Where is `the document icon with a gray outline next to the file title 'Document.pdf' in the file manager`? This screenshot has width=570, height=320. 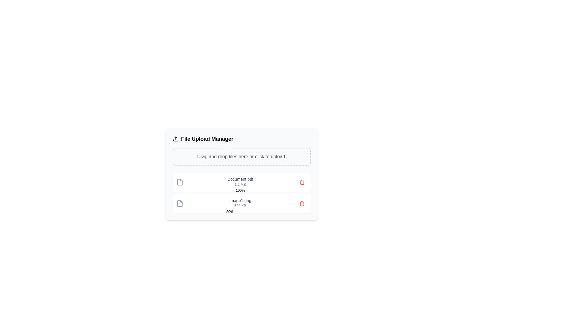 the document icon with a gray outline next to the file title 'Document.pdf' in the file manager is located at coordinates (179, 182).